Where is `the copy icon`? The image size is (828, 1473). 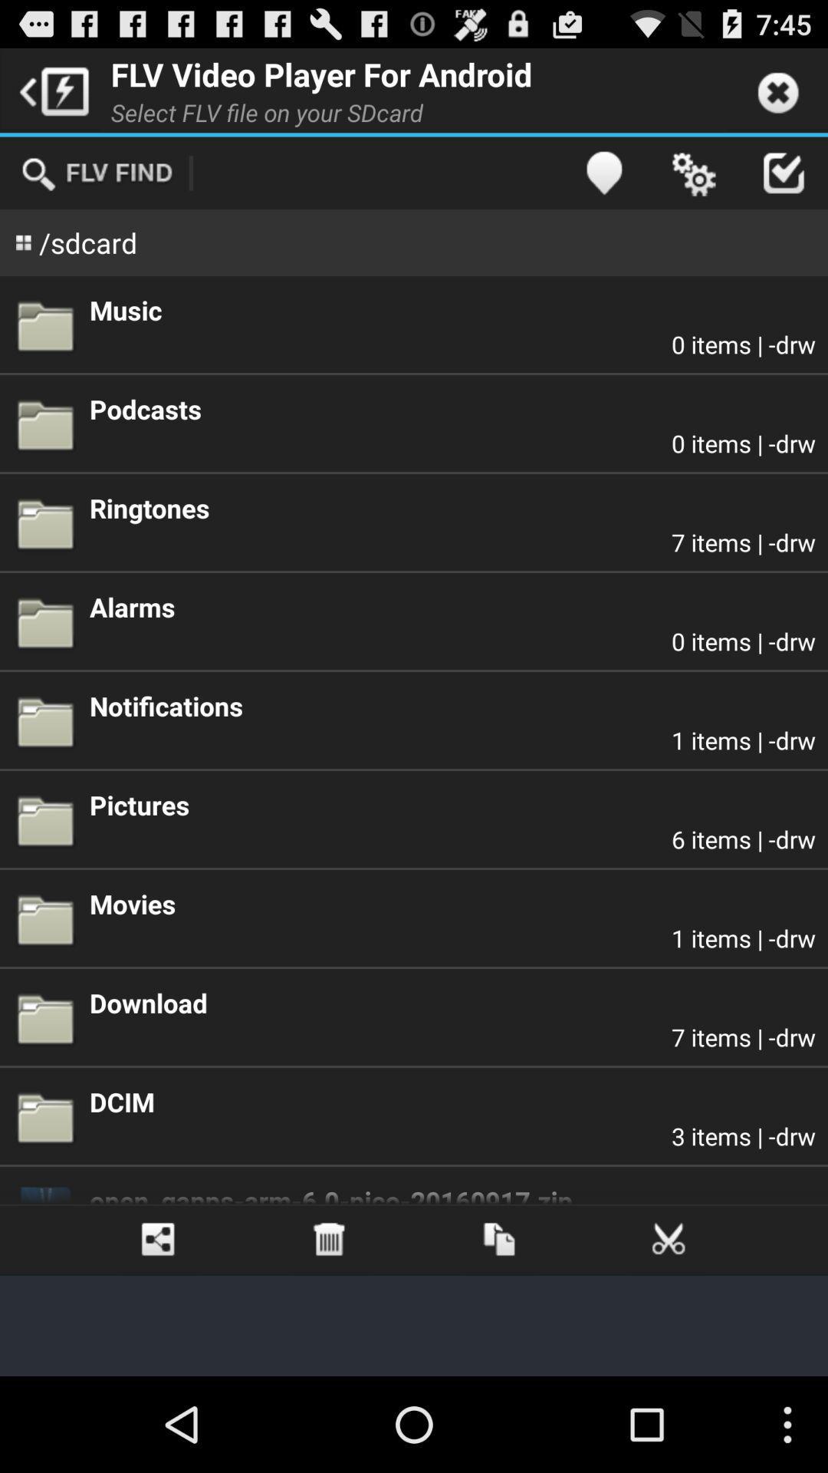
the copy icon is located at coordinates (499, 1326).